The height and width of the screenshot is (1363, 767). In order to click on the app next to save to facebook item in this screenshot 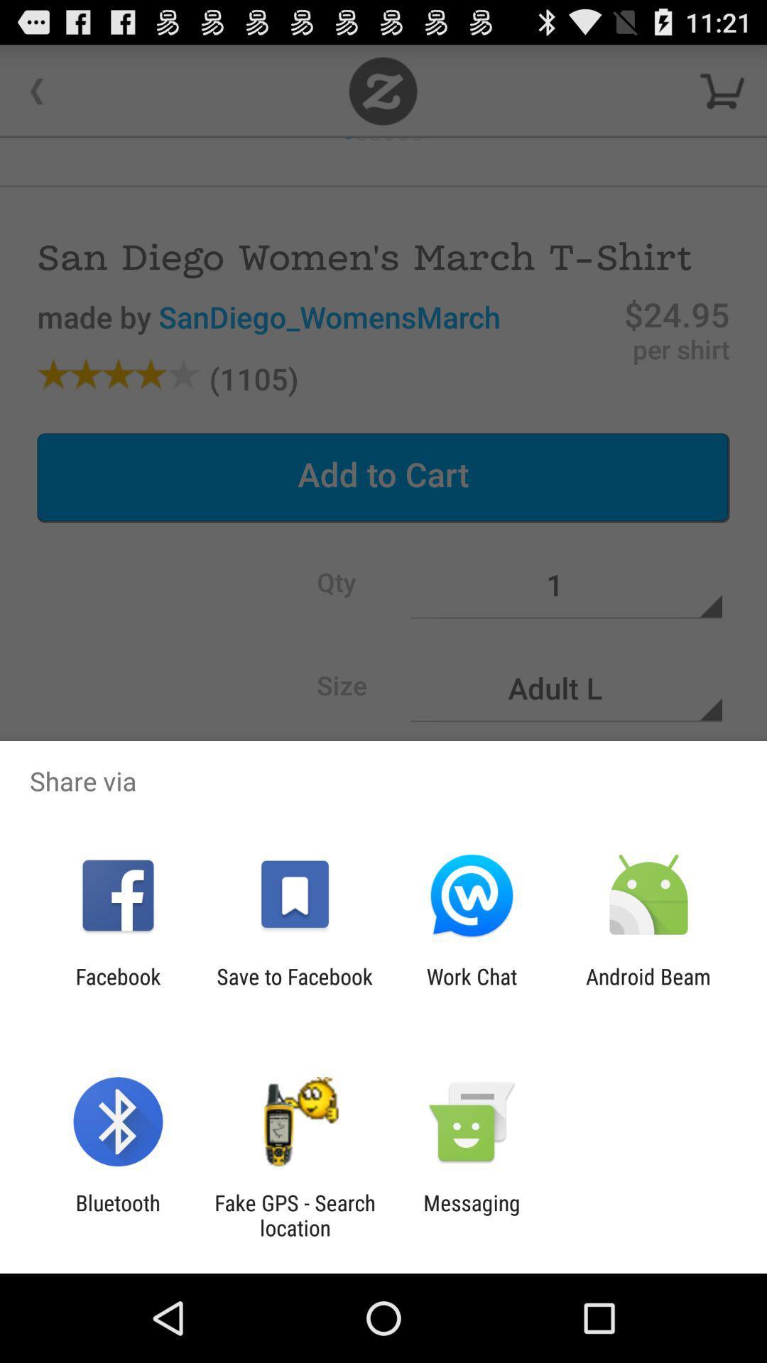, I will do `click(472, 988)`.